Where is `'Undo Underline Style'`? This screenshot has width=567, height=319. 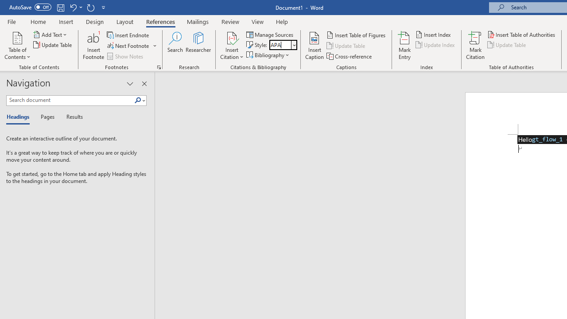 'Undo Underline Style' is located at coordinates (75, 7).